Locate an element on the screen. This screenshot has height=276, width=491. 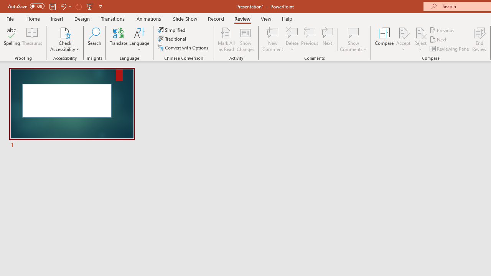
'Spelling...' is located at coordinates (12, 39).